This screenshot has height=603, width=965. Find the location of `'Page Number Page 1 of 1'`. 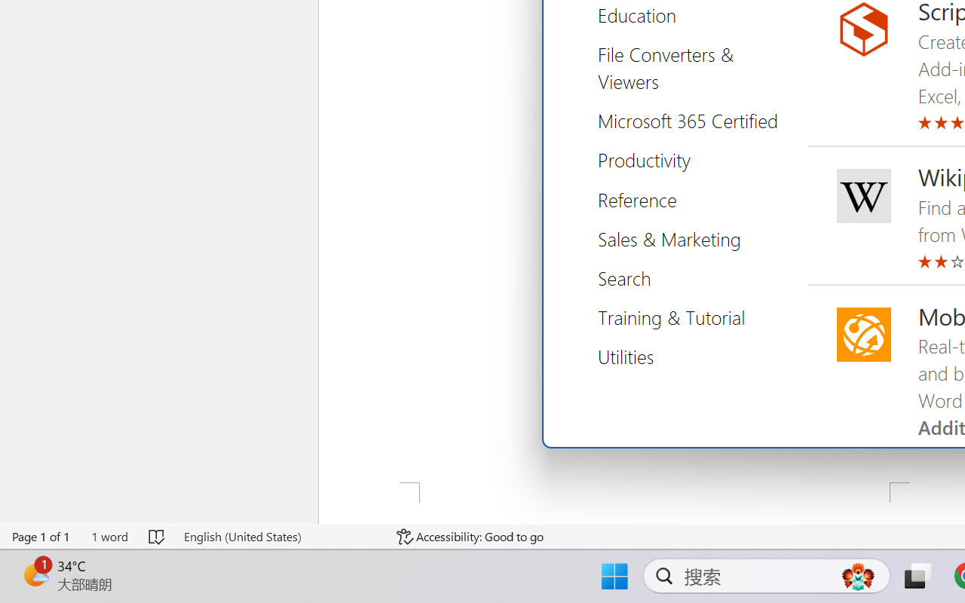

'Page Number Page 1 of 1' is located at coordinates (41, 536).